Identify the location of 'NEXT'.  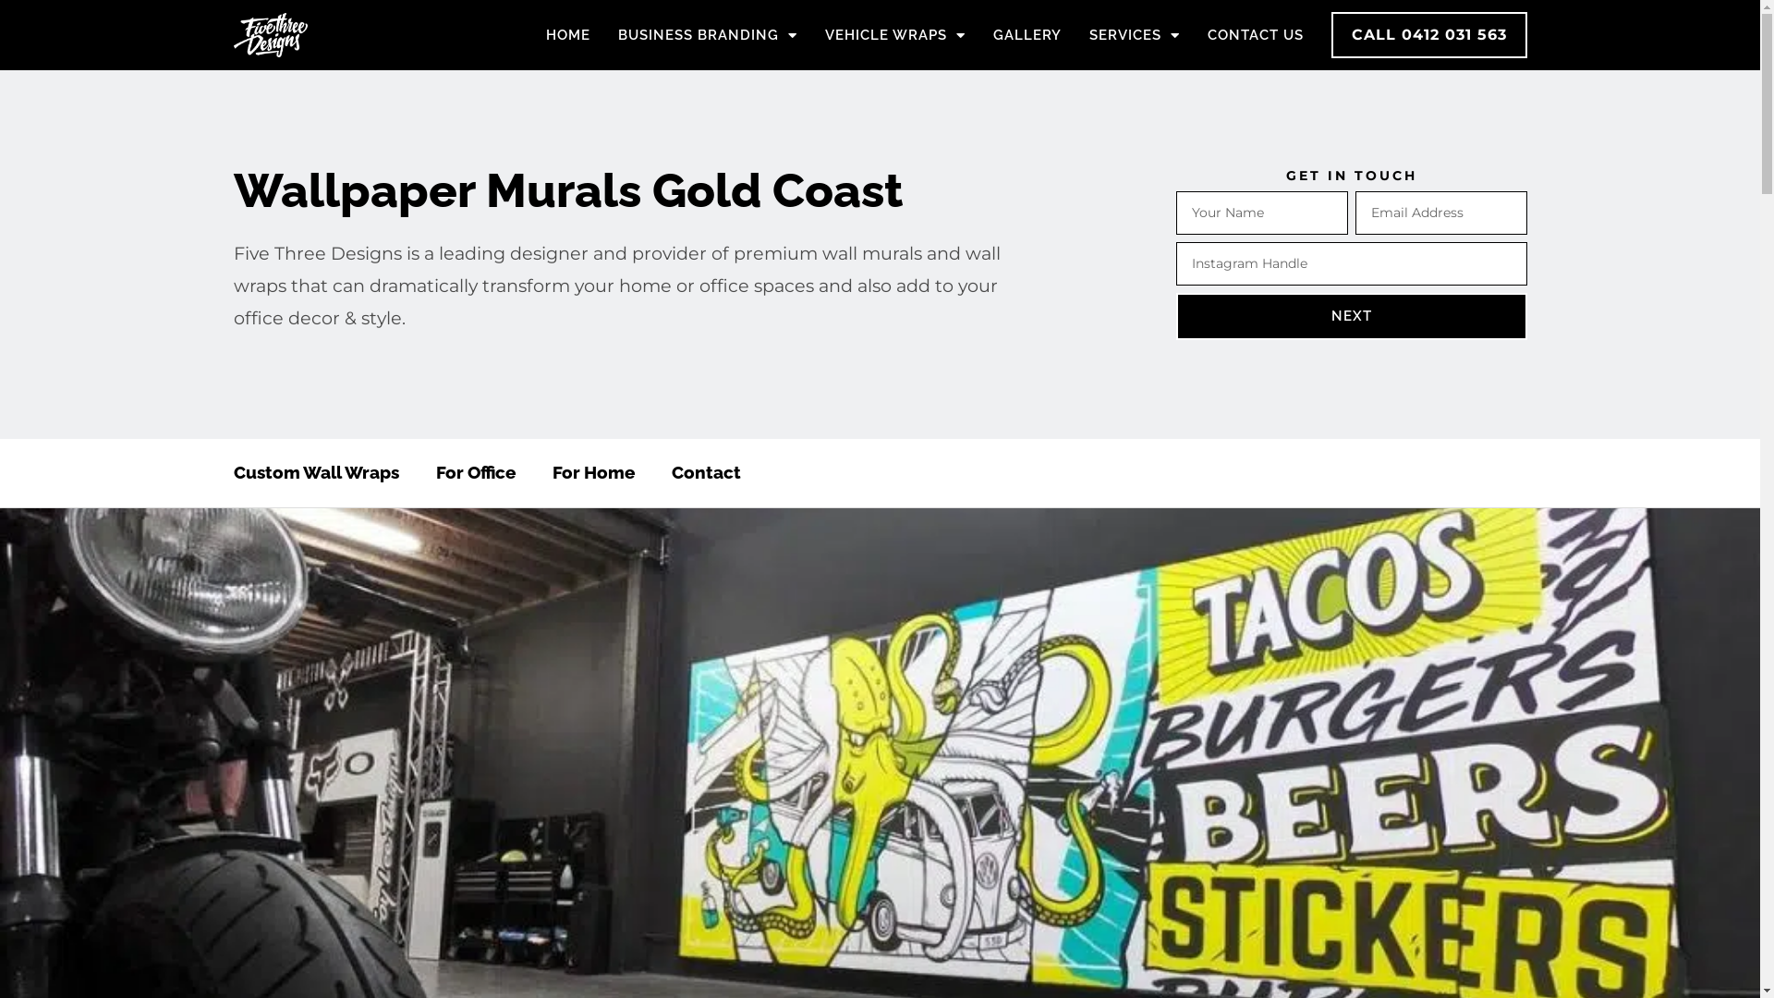
(1351, 315).